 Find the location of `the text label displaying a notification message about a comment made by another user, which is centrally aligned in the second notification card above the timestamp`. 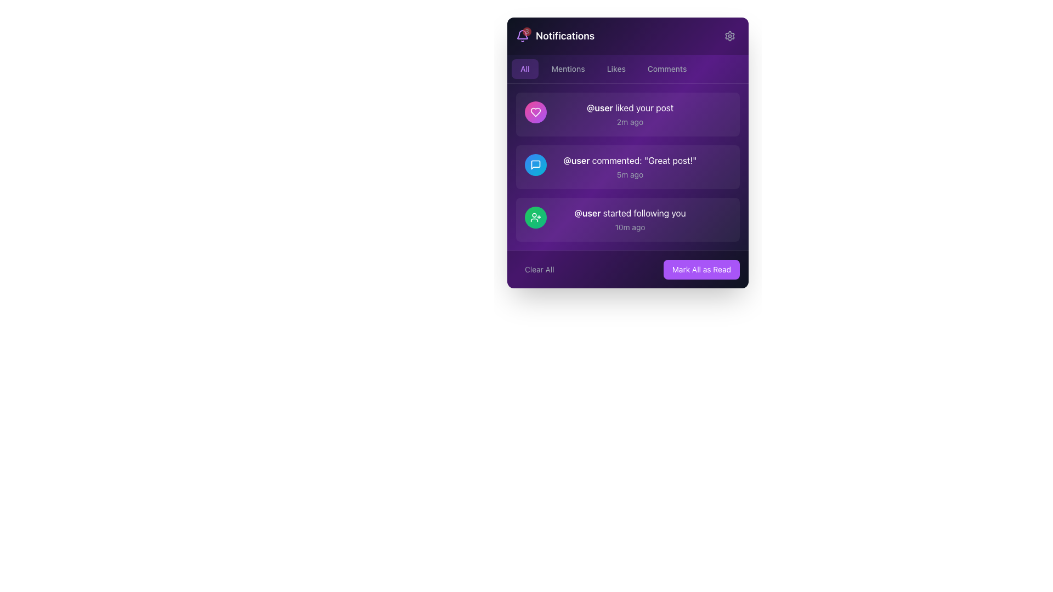

the text label displaying a notification message about a comment made by another user, which is centrally aligned in the second notification card above the timestamp is located at coordinates (630, 161).